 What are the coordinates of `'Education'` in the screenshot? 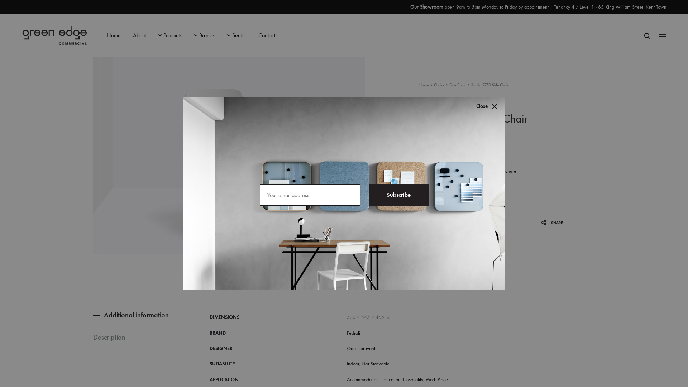 It's located at (390, 379).